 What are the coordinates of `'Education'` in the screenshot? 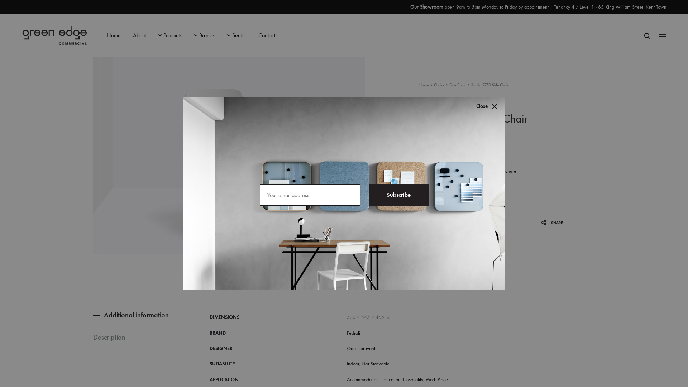 It's located at (390, 379).